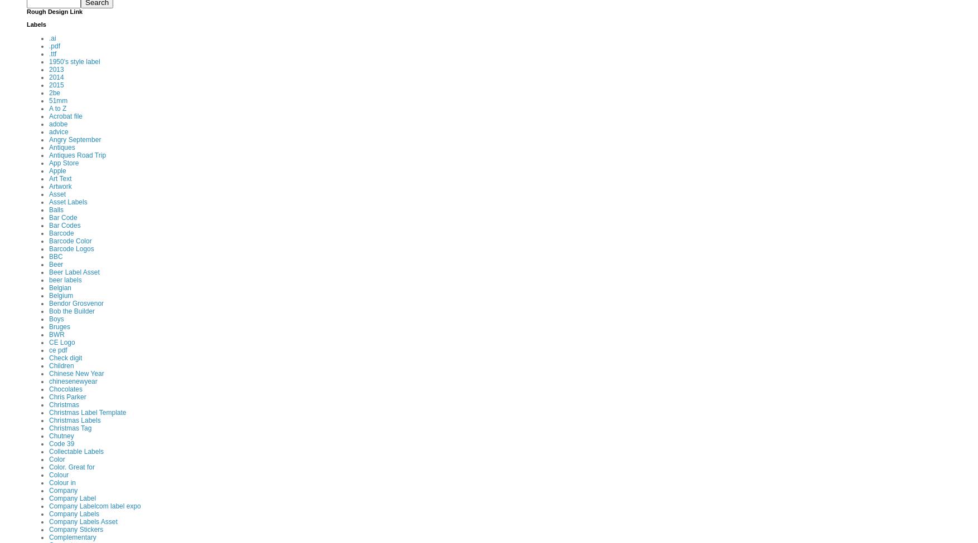 Image resolution: width=978 pixels, height=543 pixels. I want to click on 'Code 39', so click(61, 443).